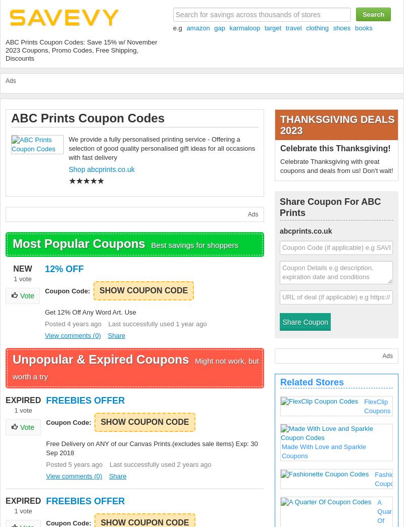  I want to click on 'Most Popular Coupons', so click(80, 243).